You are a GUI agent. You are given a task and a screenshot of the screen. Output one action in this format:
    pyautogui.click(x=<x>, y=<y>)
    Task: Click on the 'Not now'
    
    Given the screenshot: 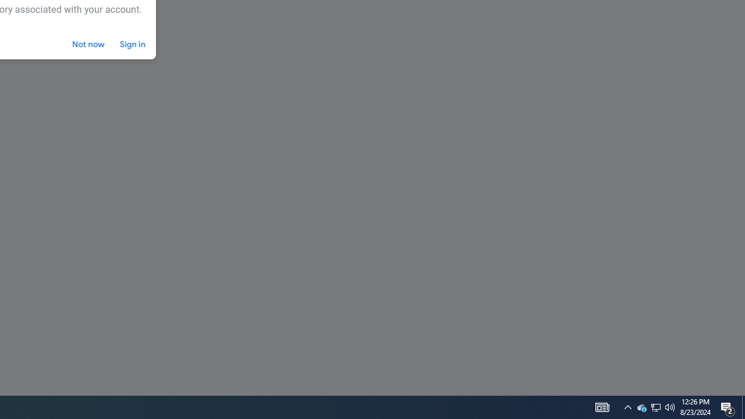 What is the action you would take?
    pyautogui.click(x=88, y=44)
    